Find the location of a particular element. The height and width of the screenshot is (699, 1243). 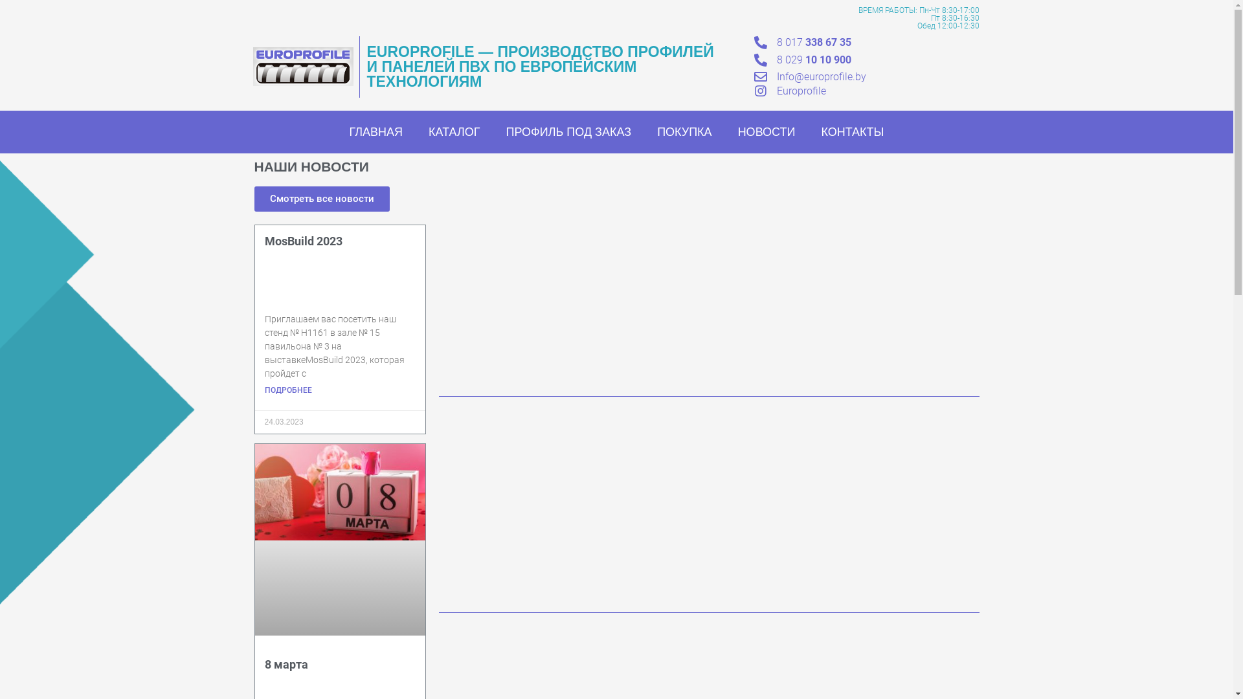

'MosBuild 2023' is located at coordinates (302, 241).